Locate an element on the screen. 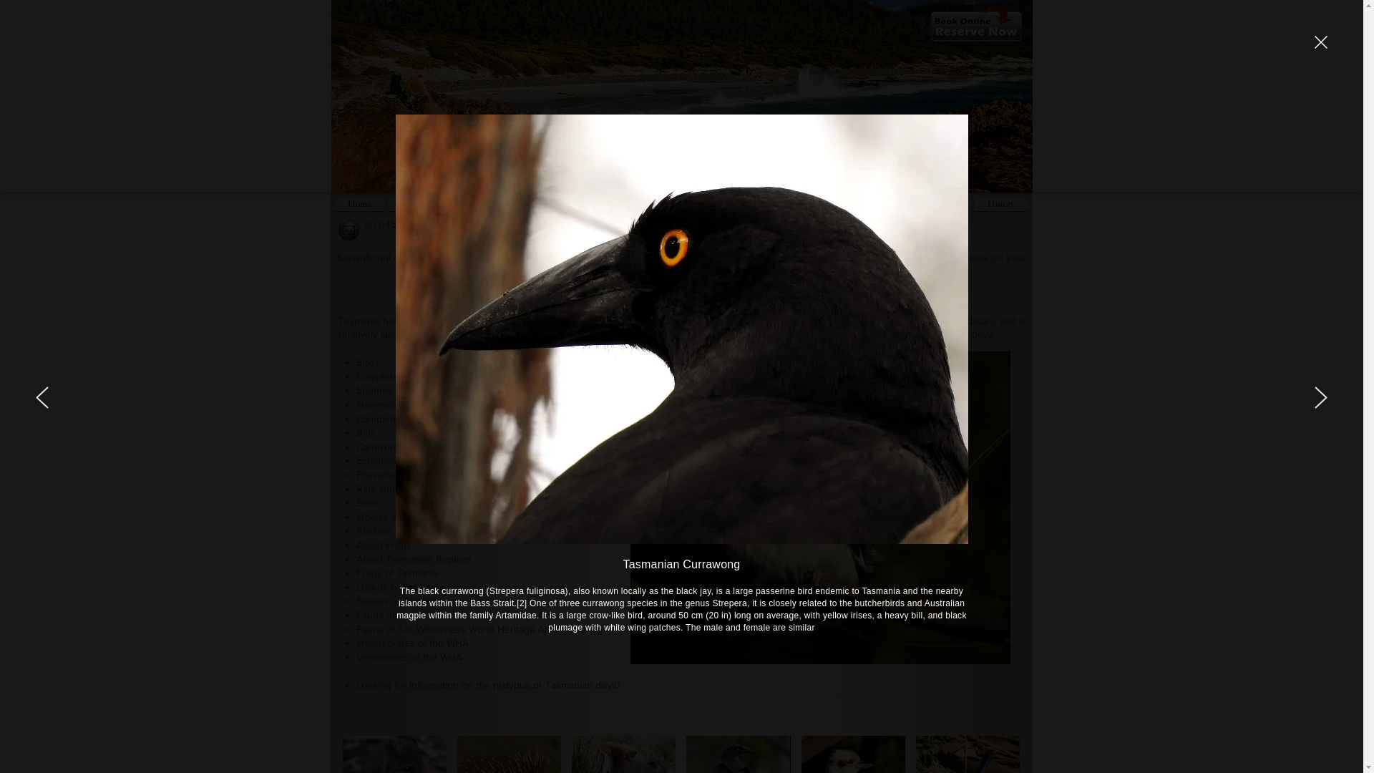 The height and width of the screenshot is (773, 1374). 'Seals' is located at coordinates (368, 502).